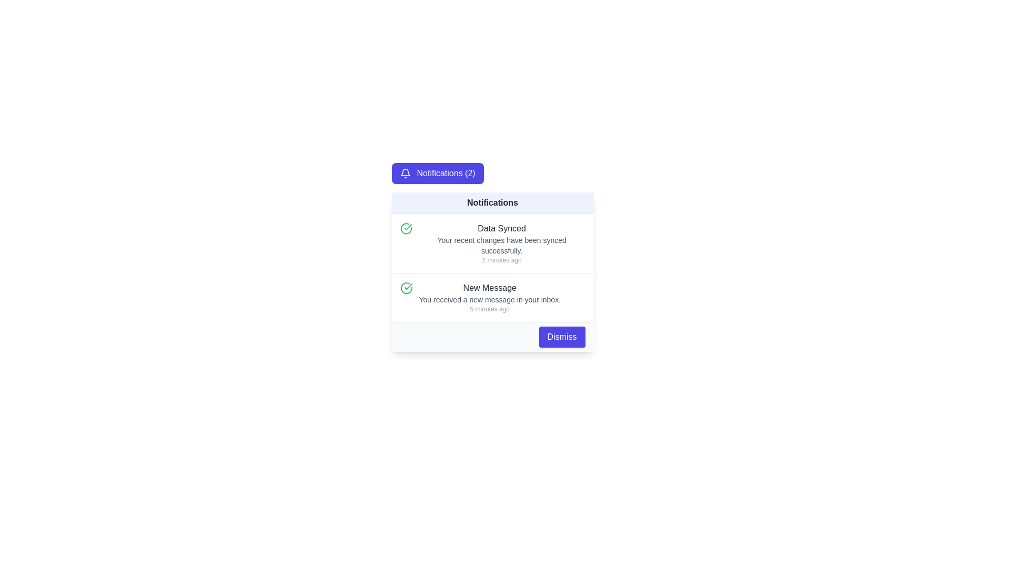 This screenshot has width=1010, height=568. Describe the element at coordinates (501, 245) in the screenshot. I see `descriptive text that indicates successful data synchronization, located centrally in the notification panel below the 'Data Synced' title and above the timestamp '2 minutes ago.'` at that location.